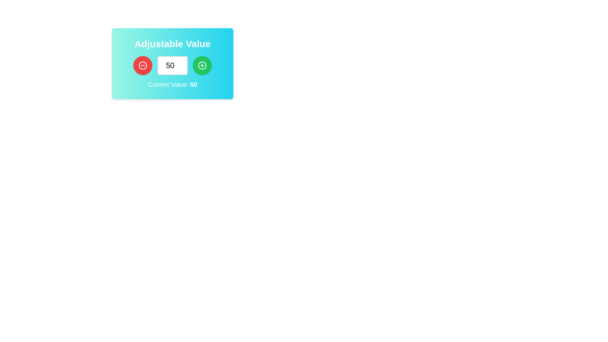 The width and height of the screenshot is (608, 342). Describe the element at coordinates (193, 84) in the screenshot. I see `the bold numerical text '50' displayed in black on a bright cyan background, which is part of the text 'Current Value: 50'` at that location.